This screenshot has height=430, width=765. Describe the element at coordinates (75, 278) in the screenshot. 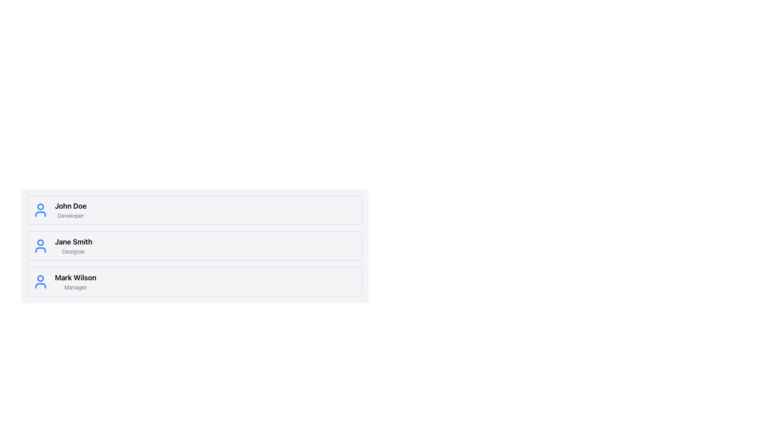

I see `text label displaying 'Mark Wilson', which is bold and larger than the subtitle 'Manager', located in the bottom-most row of the interface` at that location.